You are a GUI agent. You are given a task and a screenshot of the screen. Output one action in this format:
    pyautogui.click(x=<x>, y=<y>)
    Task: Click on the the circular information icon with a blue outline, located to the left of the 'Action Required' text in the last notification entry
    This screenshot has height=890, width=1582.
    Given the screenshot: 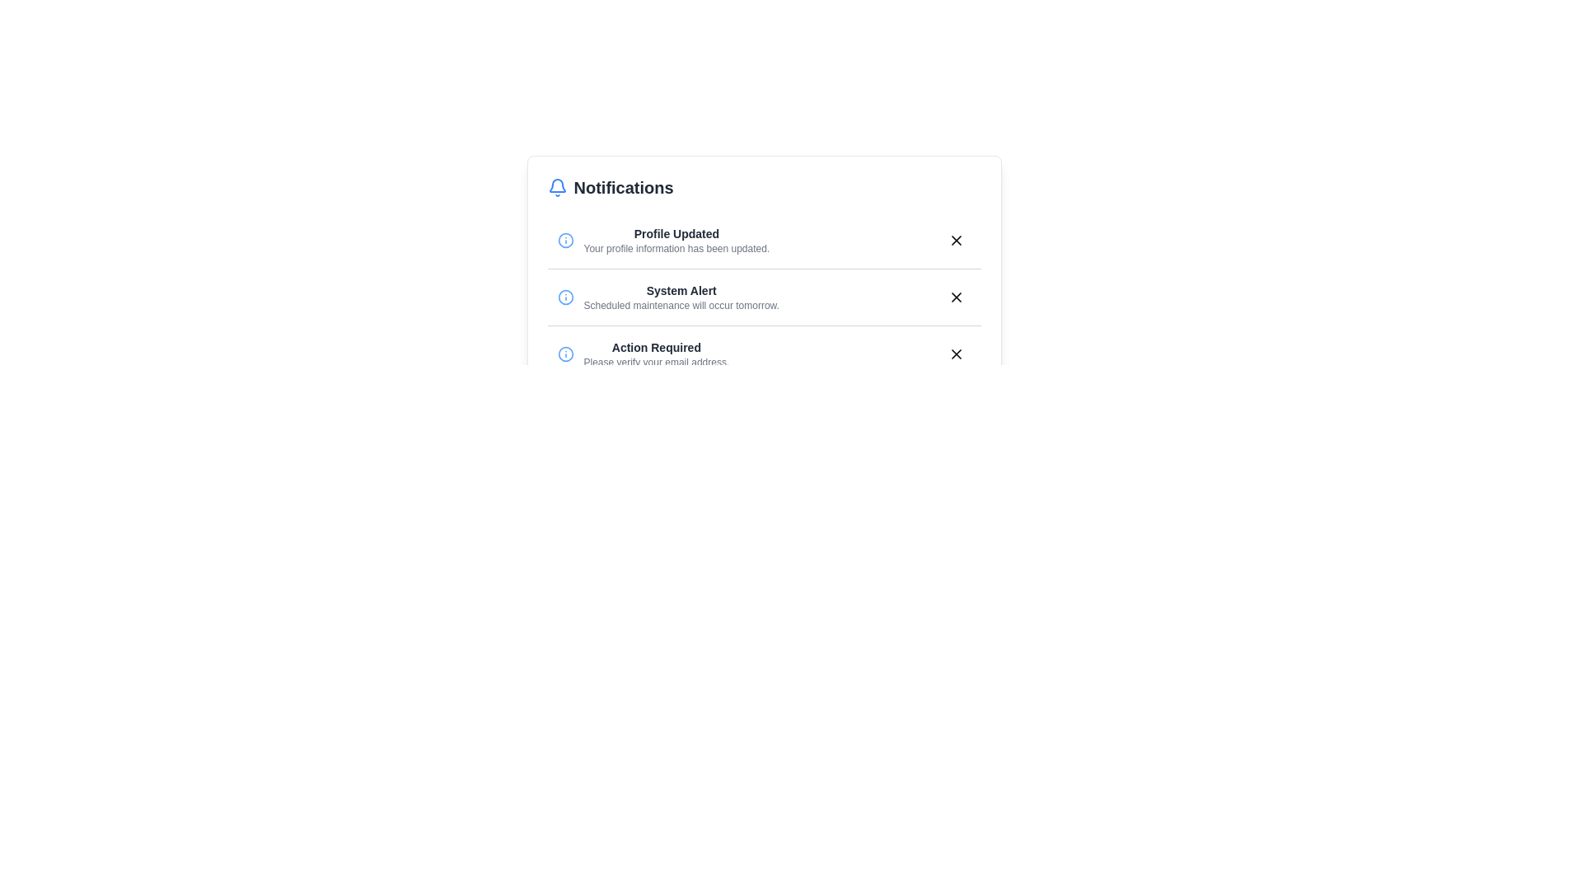 What is the action you would take?
    pyautogui.click(x=565, y=353)
    